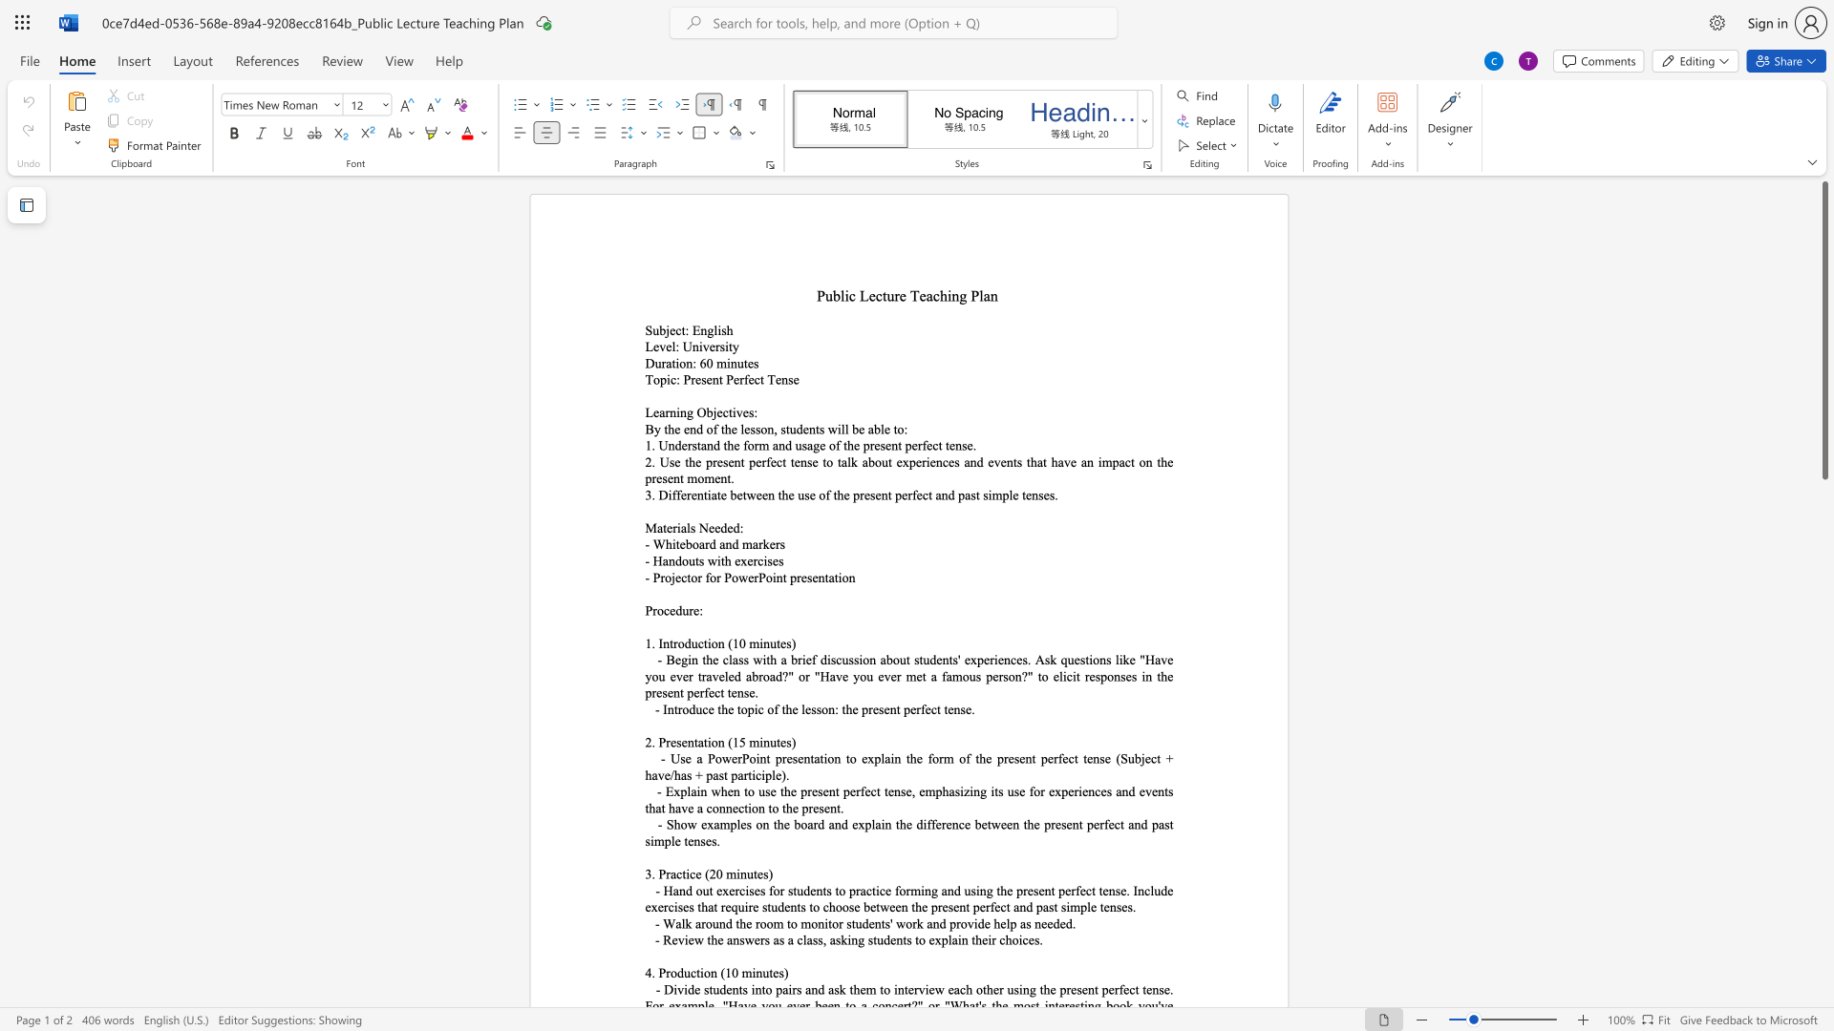 This screenshot has width=1834, height=1031. I want to click on the space between the continuous character "i" and "f" in the text, so click(672, 494).